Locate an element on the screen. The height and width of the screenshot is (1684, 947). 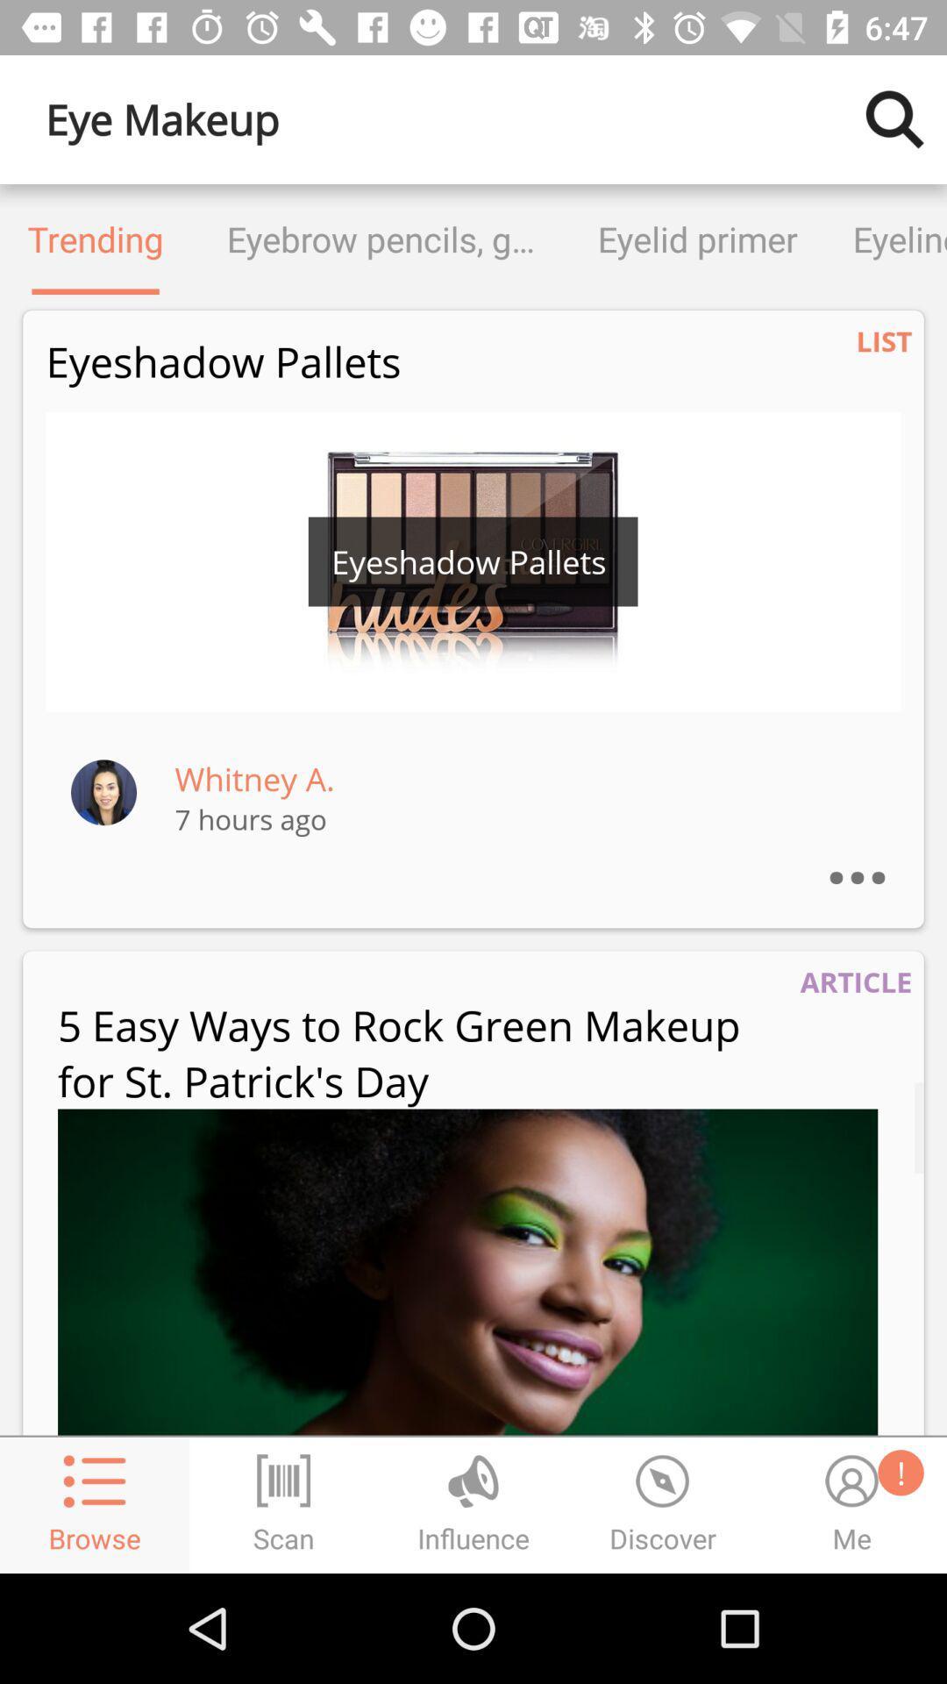
trending is located at coordinates (96, 239).